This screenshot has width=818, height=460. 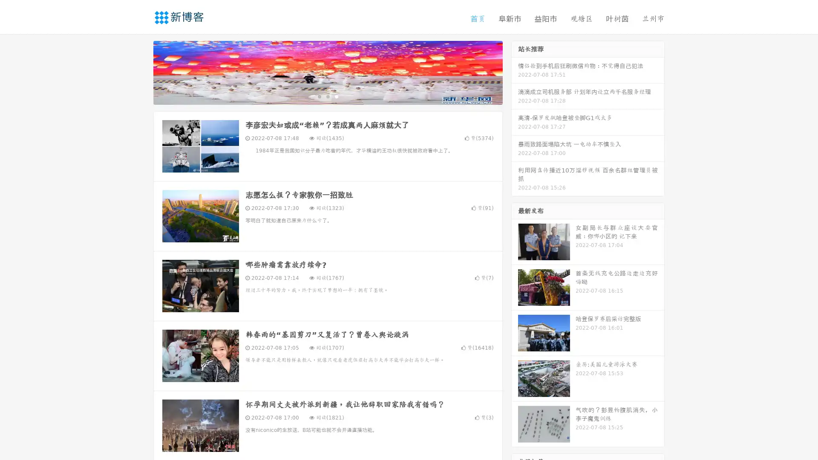 I want to click on Previous slide, so click(x=141, y=72).